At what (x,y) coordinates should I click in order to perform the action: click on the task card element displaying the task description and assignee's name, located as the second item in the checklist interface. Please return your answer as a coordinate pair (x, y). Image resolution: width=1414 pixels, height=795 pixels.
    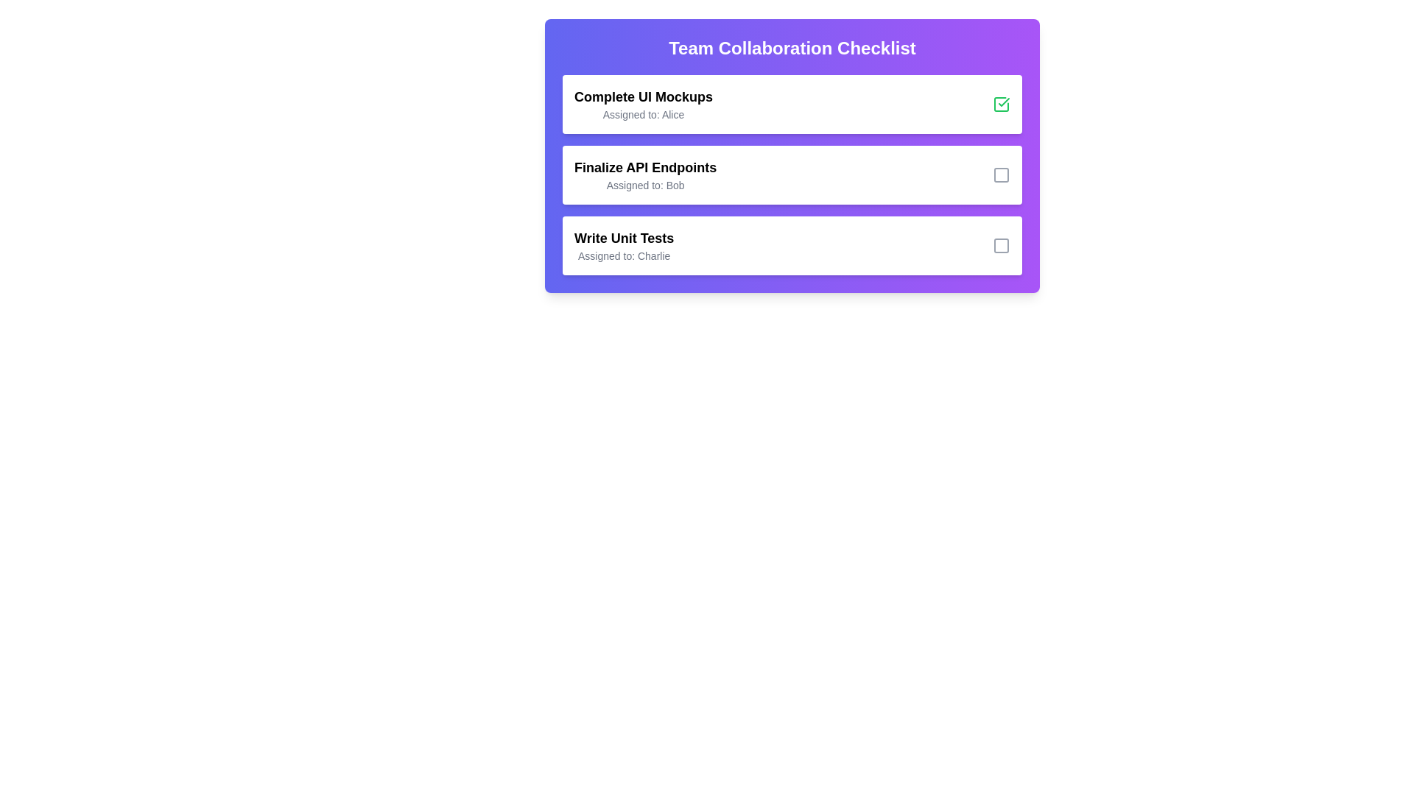
    Looking at the image, I should click on (791, 156).